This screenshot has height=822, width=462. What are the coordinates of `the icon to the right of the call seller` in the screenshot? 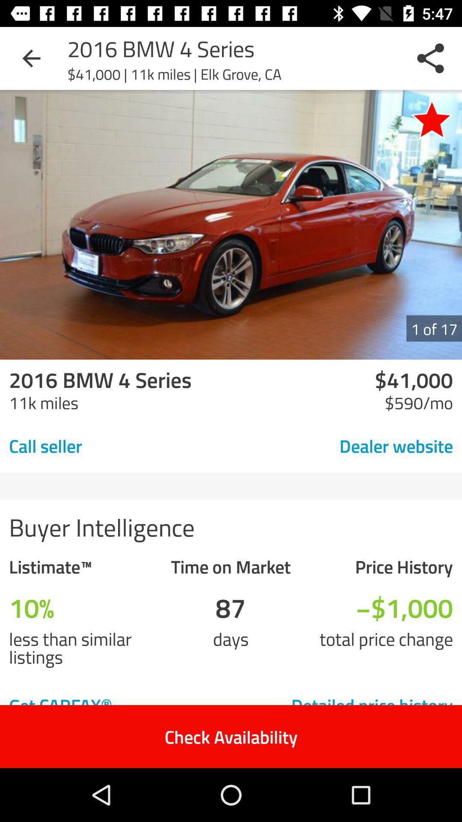 It's located at (336, 445).